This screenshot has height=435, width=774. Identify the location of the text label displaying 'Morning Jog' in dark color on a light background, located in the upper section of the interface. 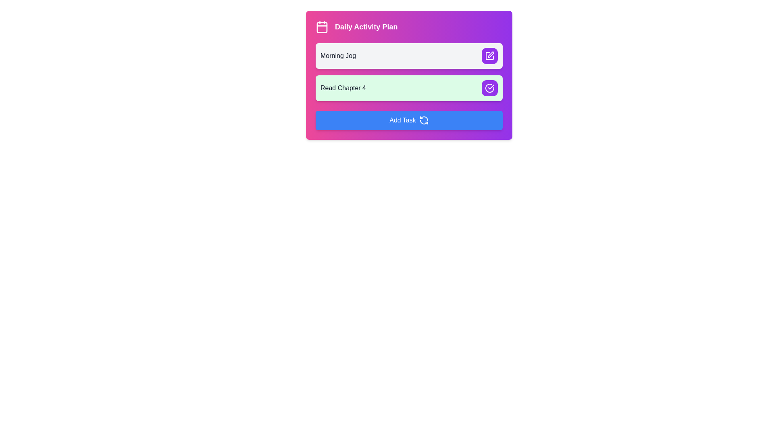
(338, 55).